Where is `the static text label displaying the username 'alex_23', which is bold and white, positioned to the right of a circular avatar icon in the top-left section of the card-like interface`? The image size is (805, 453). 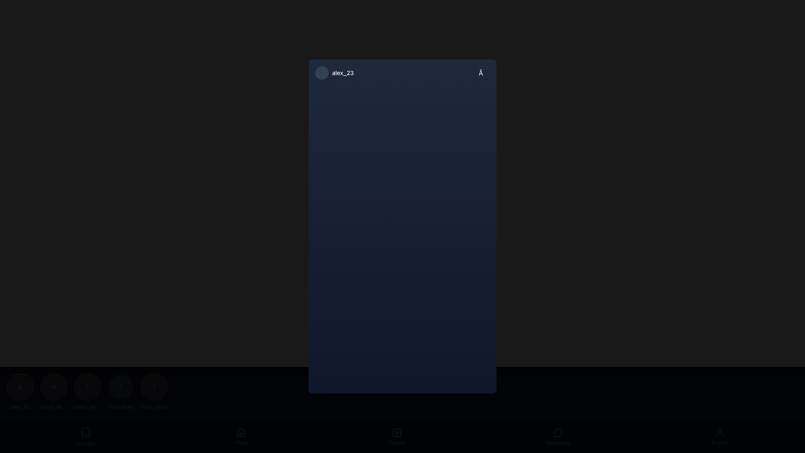
the static text label displaying the username 'alex_23', which is bold and white, positioned to the right of a circular avatar icon in the top-left section of the card-like interface is located at coordinates (343, 72).